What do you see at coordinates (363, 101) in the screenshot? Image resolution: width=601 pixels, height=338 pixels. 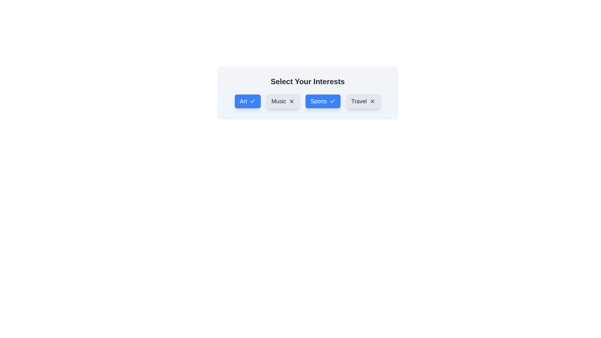 I see `the interest item Travel to observe its hover effect` at bounding box center [363, 101].